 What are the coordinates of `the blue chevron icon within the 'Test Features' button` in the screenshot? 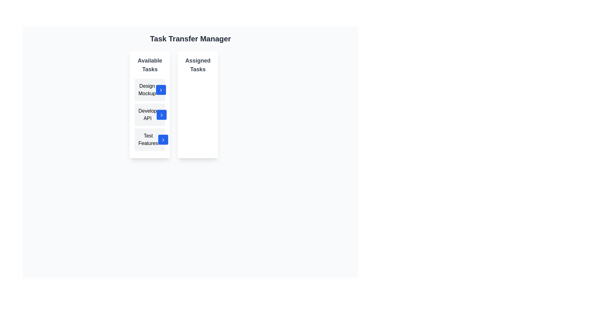 It's located at (163, 139).